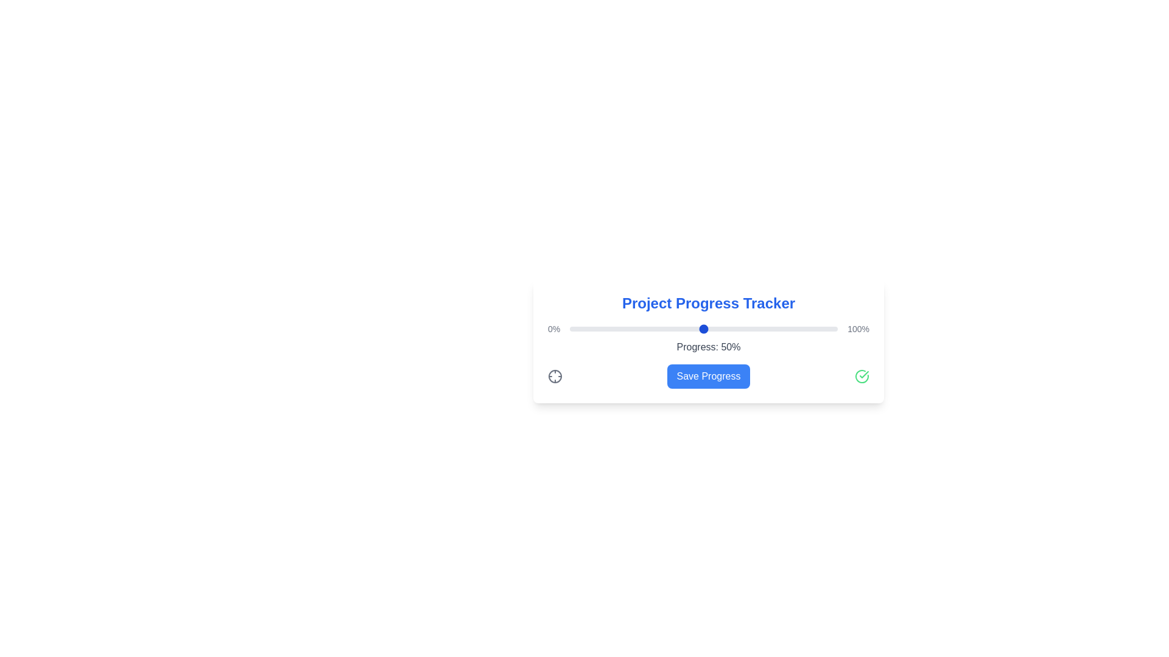 Image resolution: width=1169 pixels, height=657 pixels. What do you see at coordinates (743, 328) in the screenshot?
I see `the slider to set the progress value to 65` at bounding box center [743, 328].